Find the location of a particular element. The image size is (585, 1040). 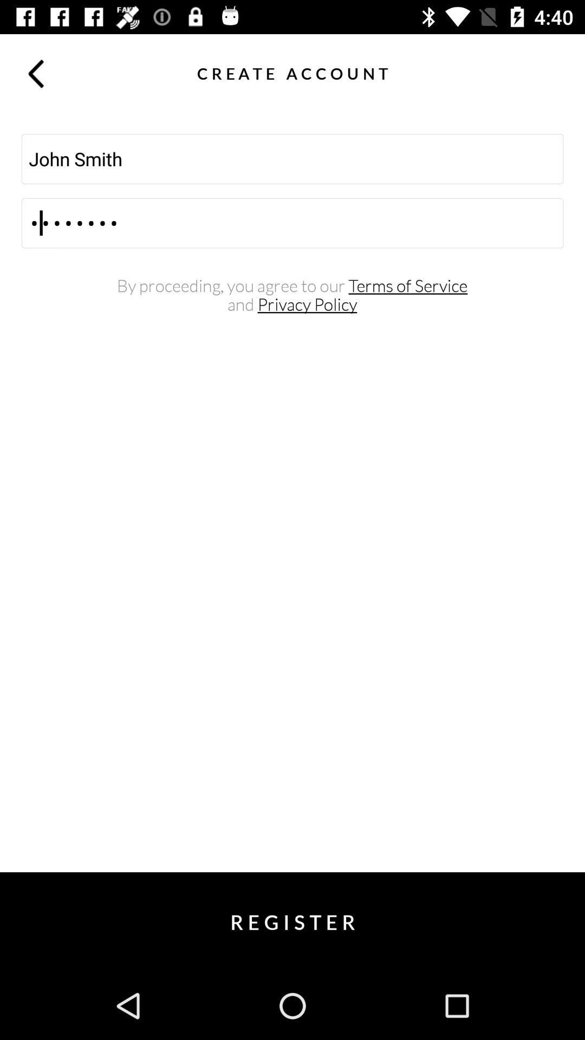

the icon at the top left corner is located at coordinates (35, 73).